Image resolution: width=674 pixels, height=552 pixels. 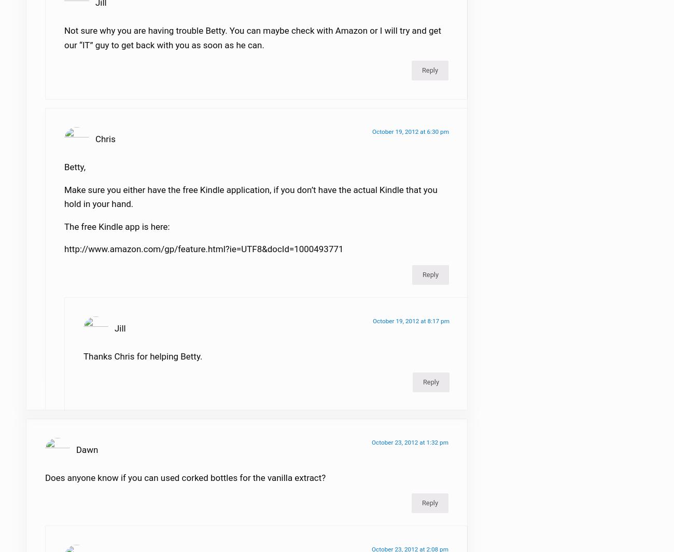 What do you see at coordinates (250, 203) in the screenshot?
I see `'Make sure you either have the free Kindle application, if you don’t have the actual Kindle that you hold in your hand.'` at bounding box center [250, 203].